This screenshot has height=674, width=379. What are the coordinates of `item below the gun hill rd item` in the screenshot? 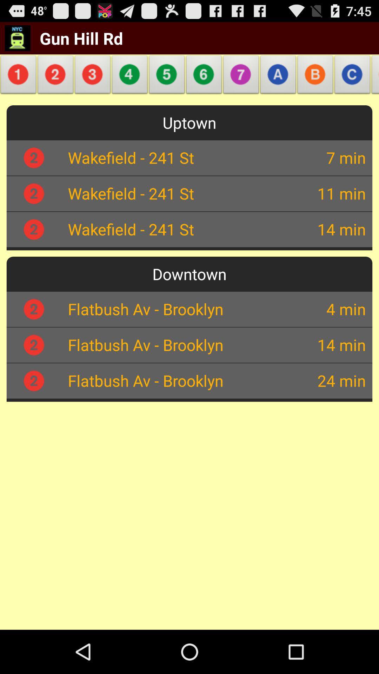 It's located at (130, 77).